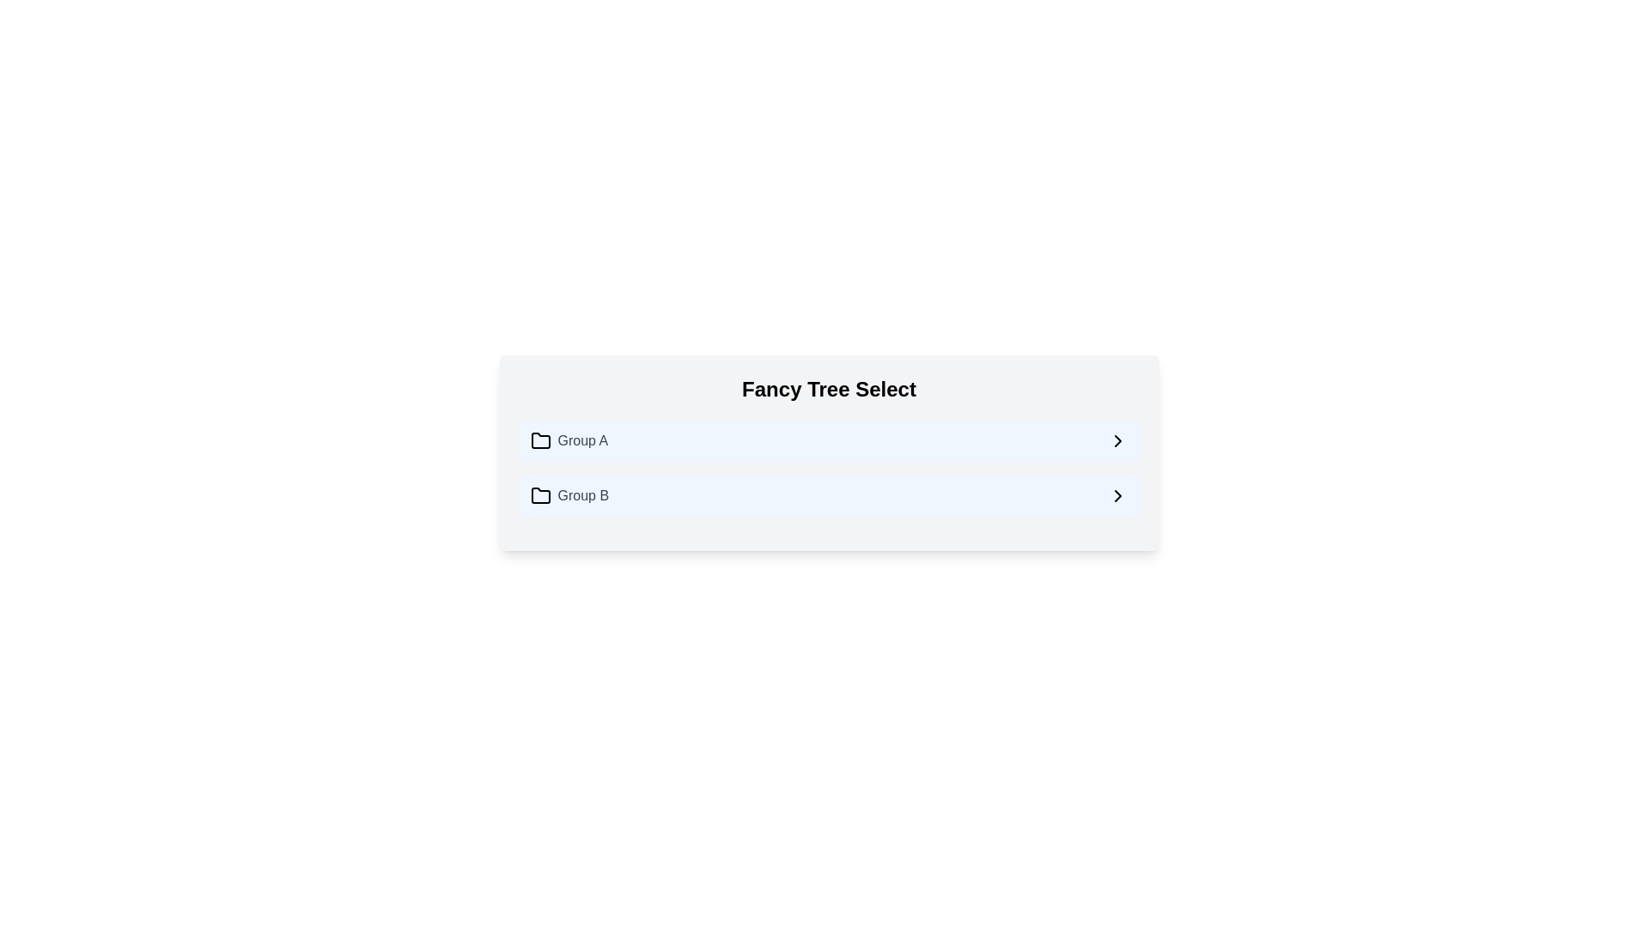 The width and height of the screenshot is (1649, 927). I want to click on the right-chevron icon, so click(1117, 439).